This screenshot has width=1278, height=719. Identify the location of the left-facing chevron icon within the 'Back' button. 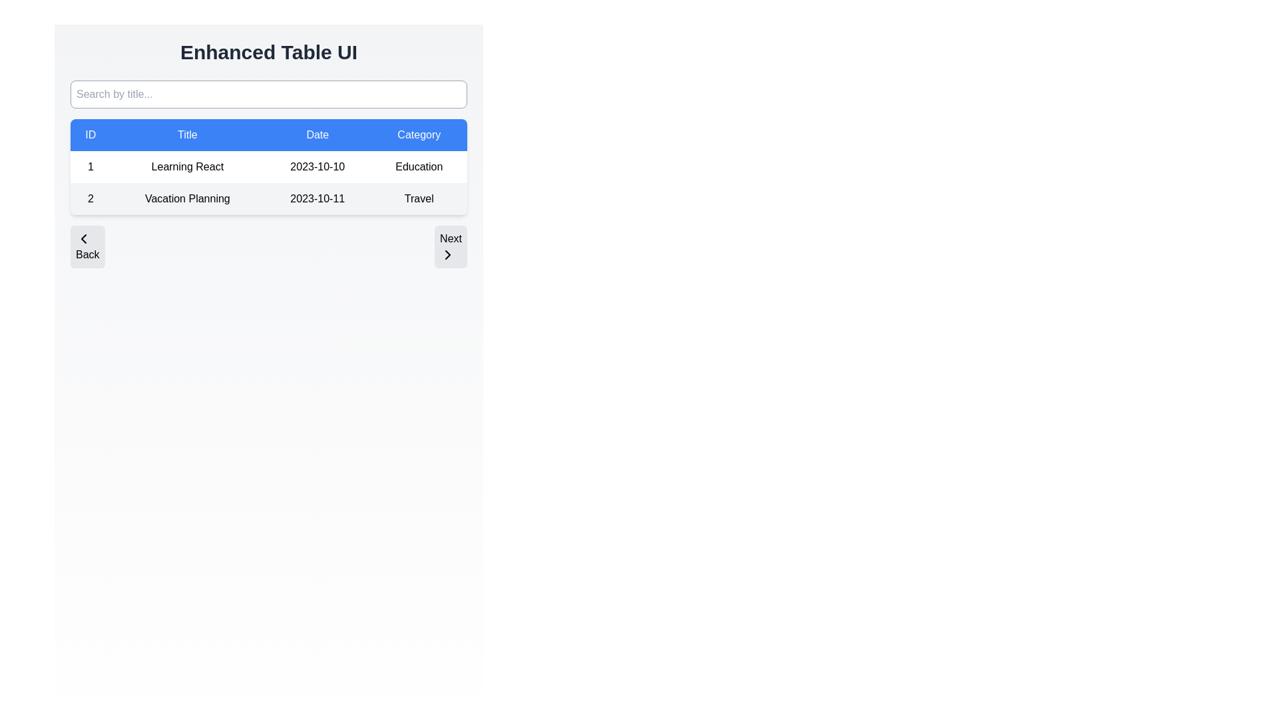
(83, 238).